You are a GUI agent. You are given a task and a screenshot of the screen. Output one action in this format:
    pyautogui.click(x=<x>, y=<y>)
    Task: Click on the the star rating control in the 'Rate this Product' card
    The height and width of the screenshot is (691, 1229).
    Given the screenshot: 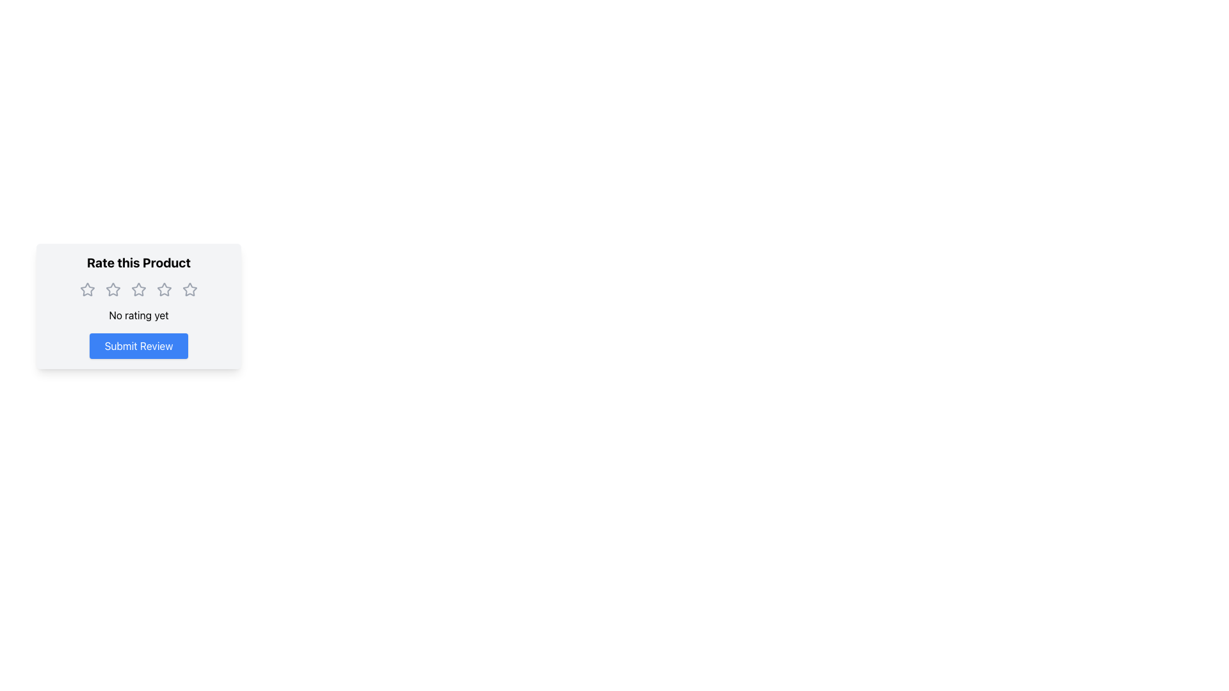 What is the action you would take?
    pyautogui.click(x=138, y=306)
    